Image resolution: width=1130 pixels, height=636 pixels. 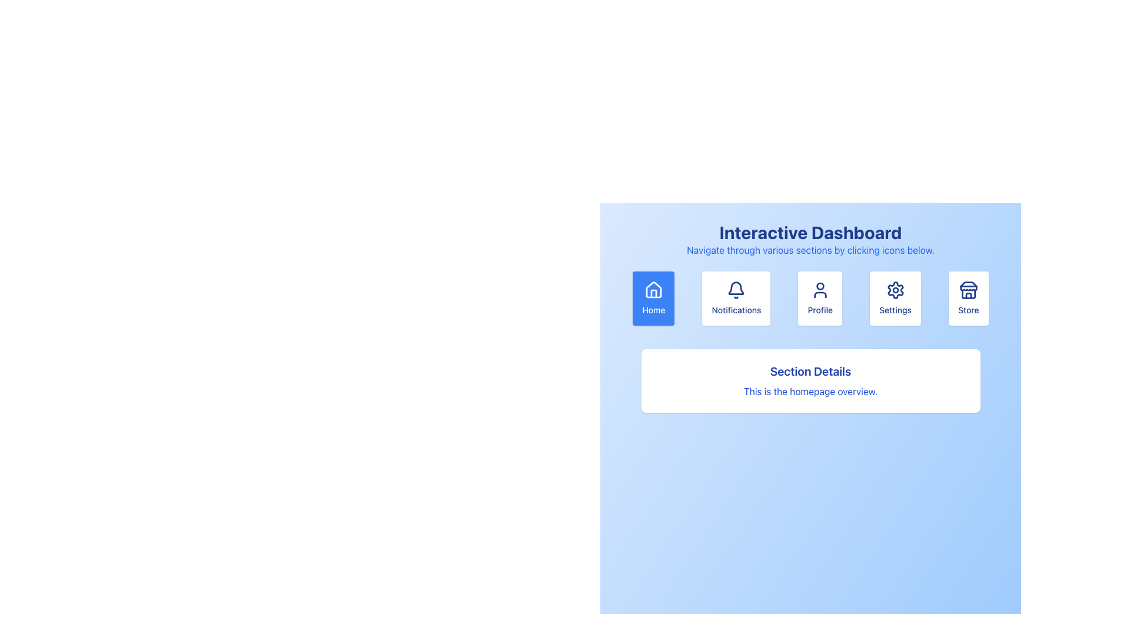 I want to click on the 'Store' button, which is a rectangular card-like element with rounded corners and a white background, located at the rightmost position in a horizontal cluster of five similar elements under the 'Interactive Dashboard' title, so click(x=968, y=297).